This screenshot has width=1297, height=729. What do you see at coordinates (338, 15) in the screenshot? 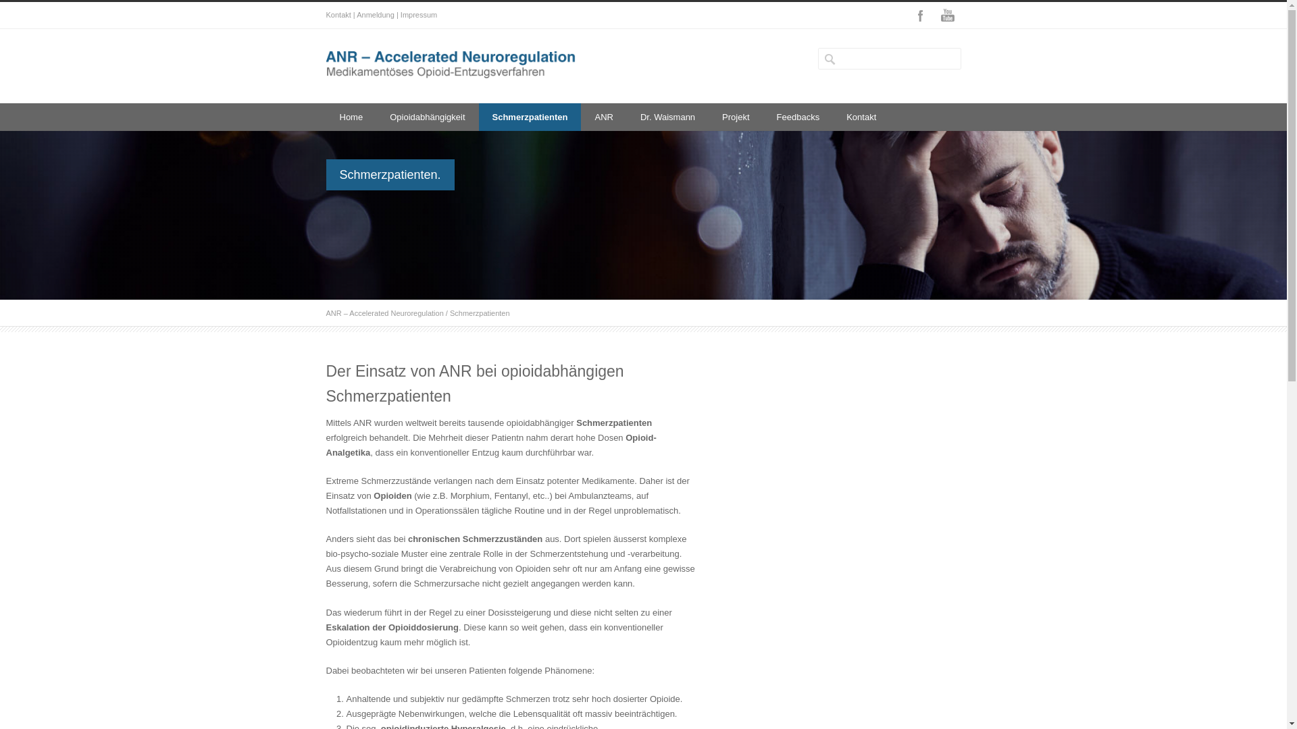
I see `'Kontakt'` at bounding box center [338, 15].